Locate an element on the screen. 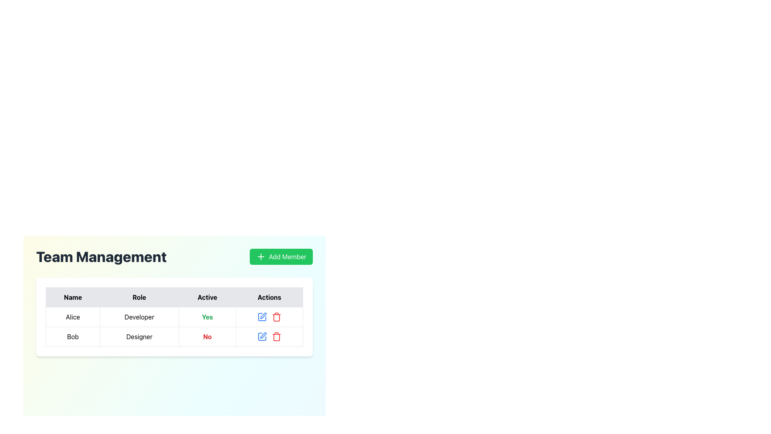 Image resolution: width=771 pixels, height=434 pixels. the edit button in the 'Actions' column of the first row to initiate editing of the 'Developer' role details is located at coordinates (262, 317).